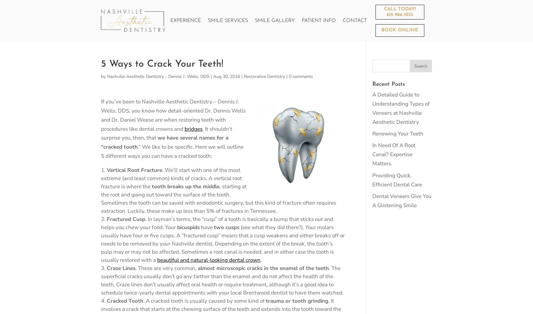 The height and width of the screenshot is (314, 533). Describe the element at coordinates (125, 300) in the screenshot. I see `'Cracked Tooth'` at that location.